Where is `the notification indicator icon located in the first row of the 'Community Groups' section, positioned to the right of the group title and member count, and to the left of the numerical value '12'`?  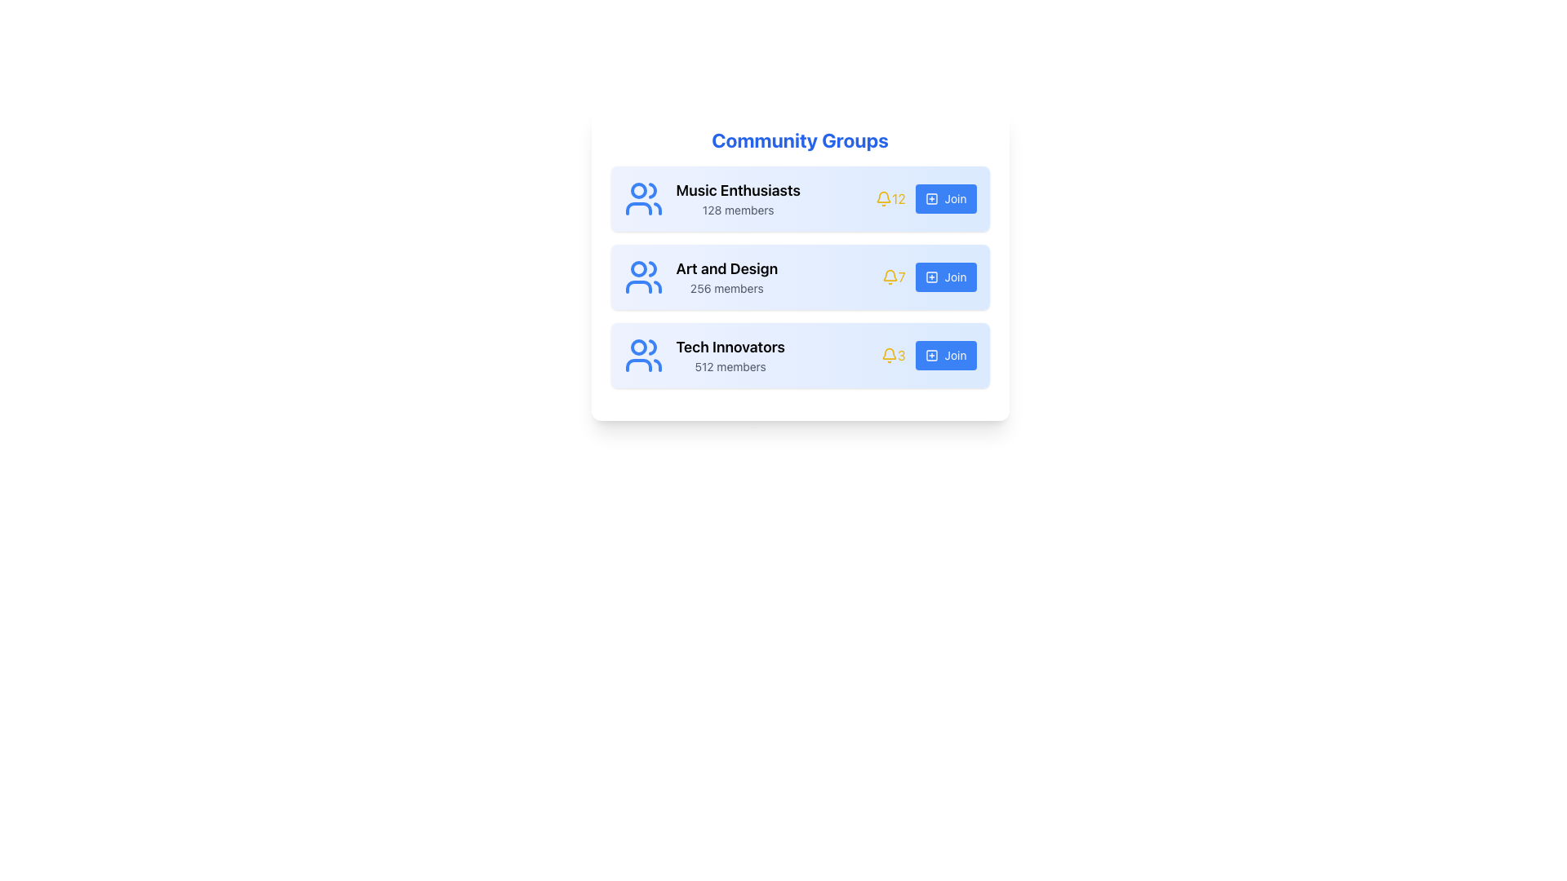 the notification indicator icon located in the first row of the 'Community Groups' section, positioned to the right of the group title and member count, and to the left of the numerical value '12' is located at coordinates (883, 197).